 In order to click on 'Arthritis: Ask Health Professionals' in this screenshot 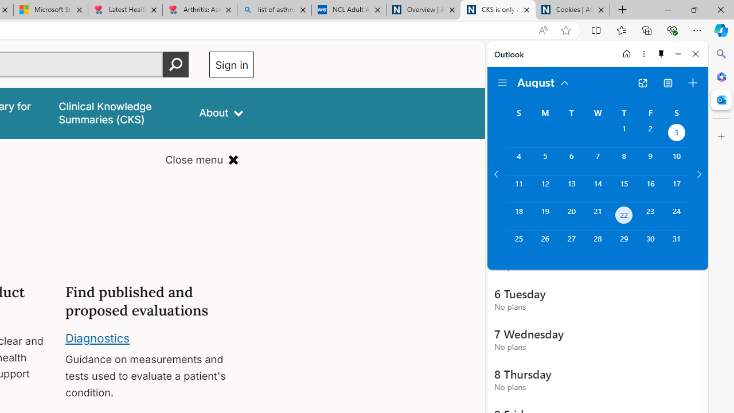, I will do `click(200, 10)`.